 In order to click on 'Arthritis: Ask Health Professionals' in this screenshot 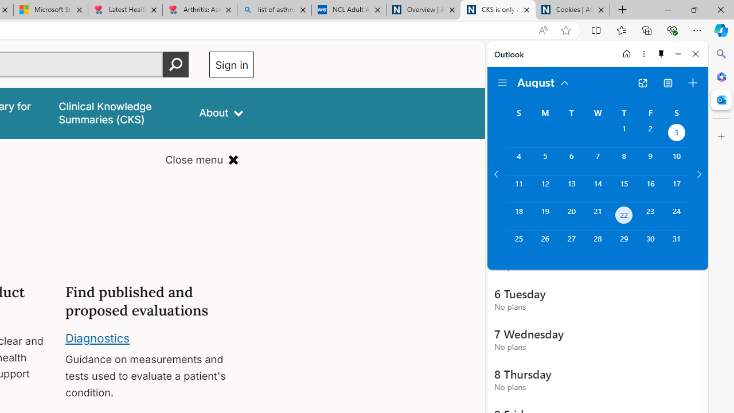, I will do `click(200, 10)`.